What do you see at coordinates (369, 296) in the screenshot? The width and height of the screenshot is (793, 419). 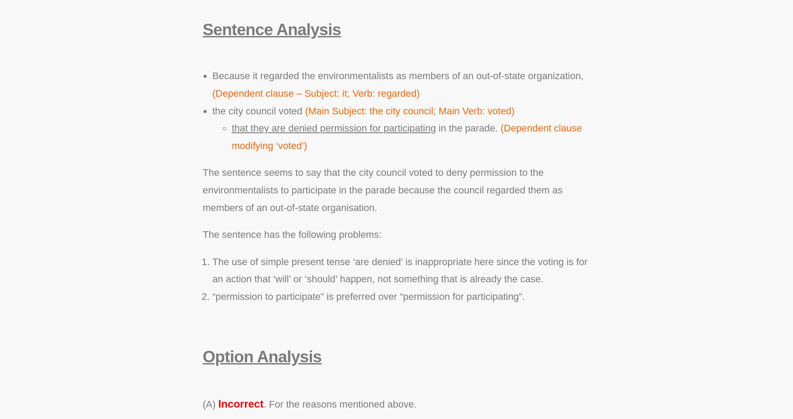 I see `'“permission to participate” is preferred over “permission for participating”.'` at bounding box center [369, 296].